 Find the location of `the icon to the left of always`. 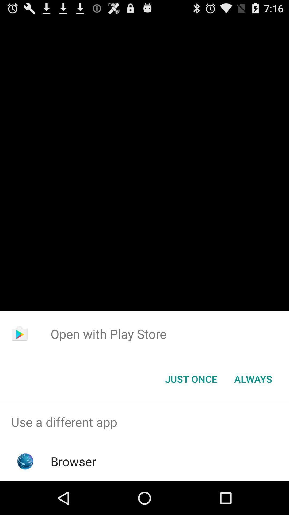

the icon to the left of always is located at coordinates (191, 378).